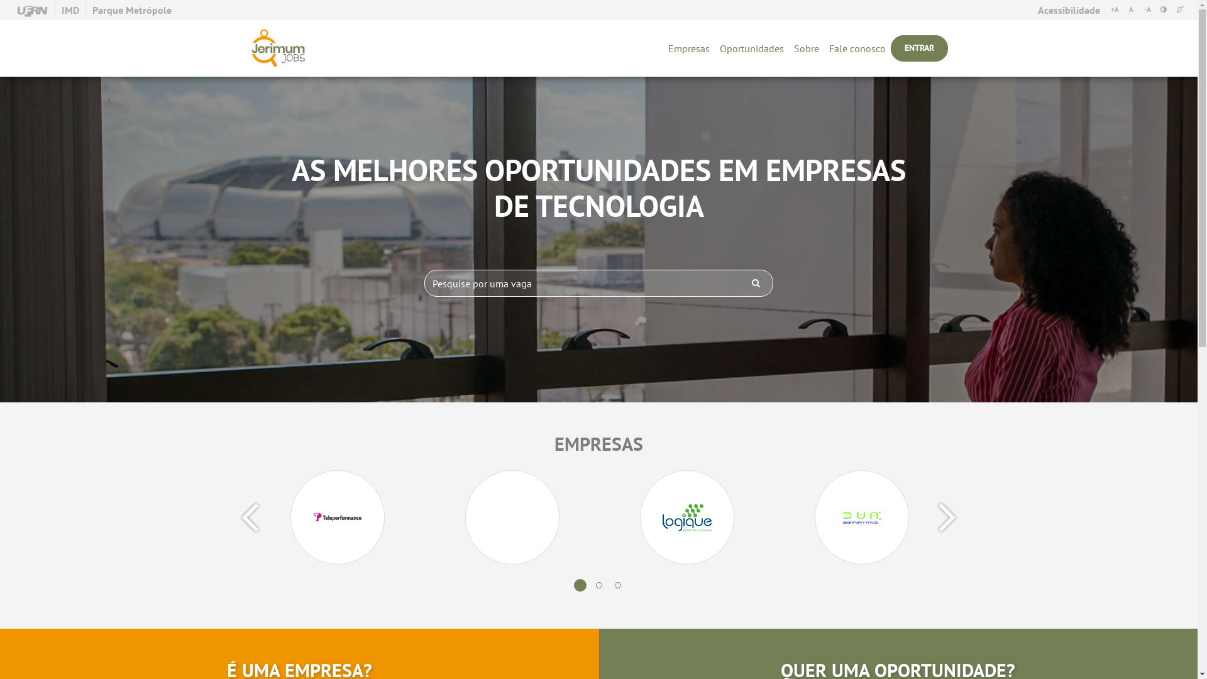 The width and height of the screenshot is (1207, 679). I want to click on 'Previous', so click(250, 516).